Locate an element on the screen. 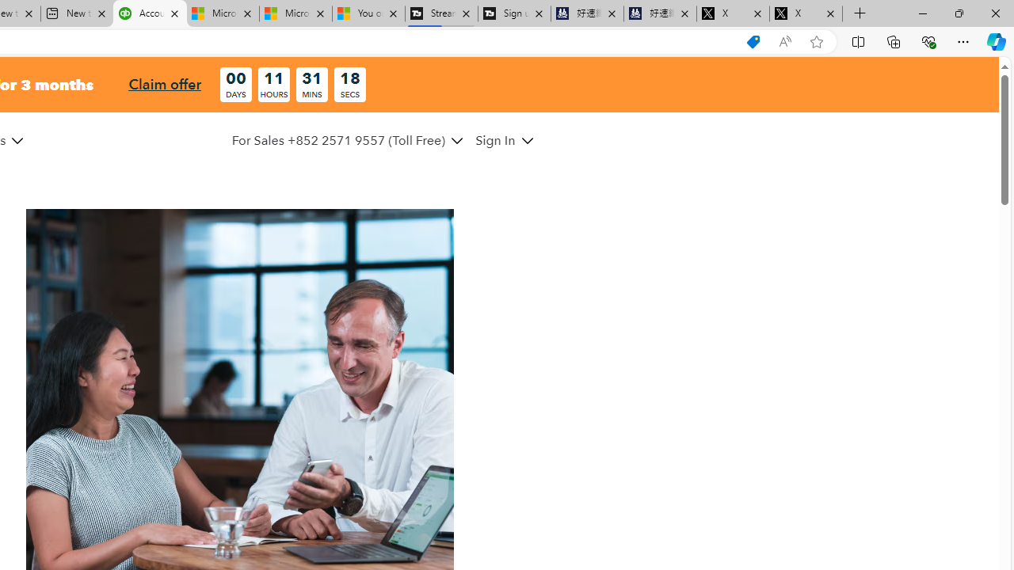  'Minimize' is located at coordinates (922, 13).